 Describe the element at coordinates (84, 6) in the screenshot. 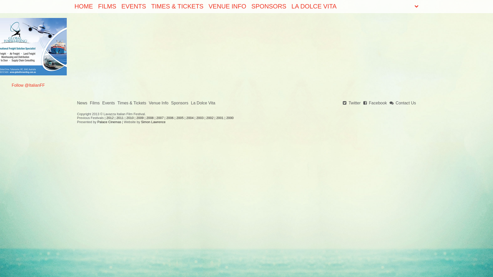

I see `'HOME'` at that location.